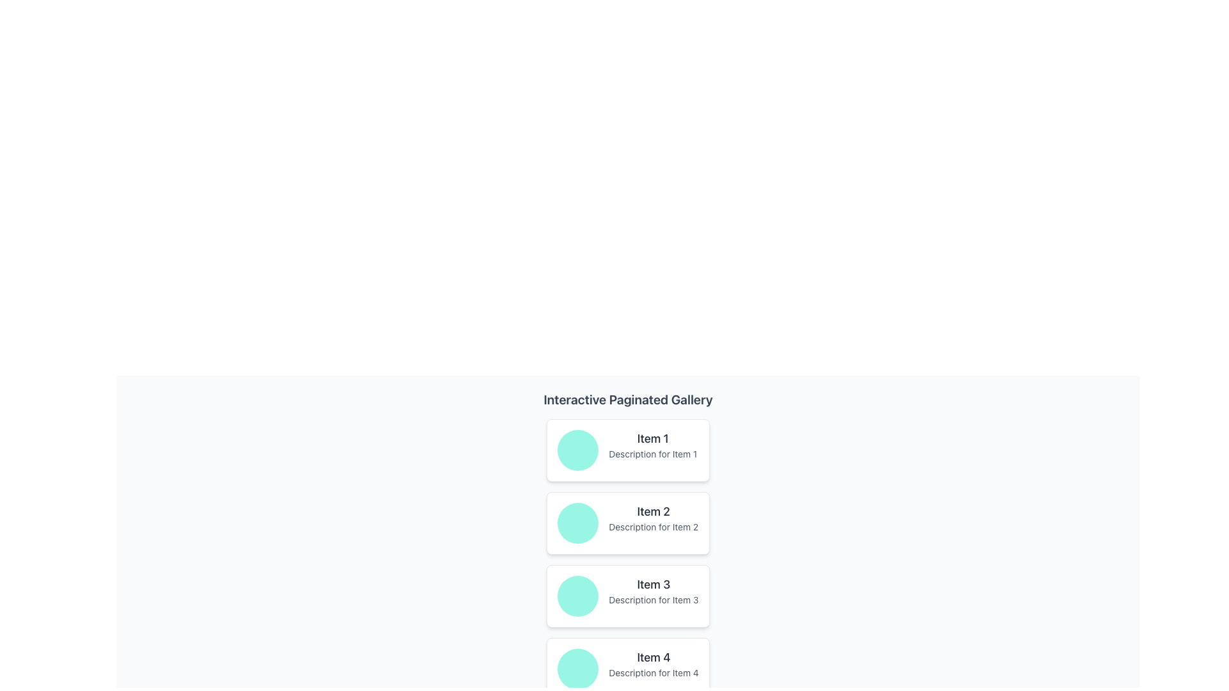 Image resolution: width=1229 pixels, height=691 pixels. Describe the element at coordinates (628, 523) in the screenshot. I see `the second card in the vertical list, which contains the title 'Item 2' and a teal circular icon` at that location.